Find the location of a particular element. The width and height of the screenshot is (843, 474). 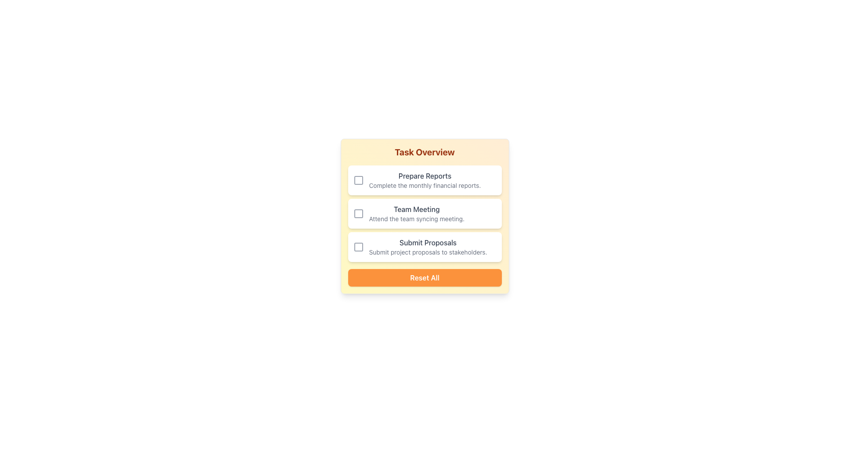

the 'Prepare Reports' text block within the first card of the 'Task Overview' section is located at coordinates (425, 180).